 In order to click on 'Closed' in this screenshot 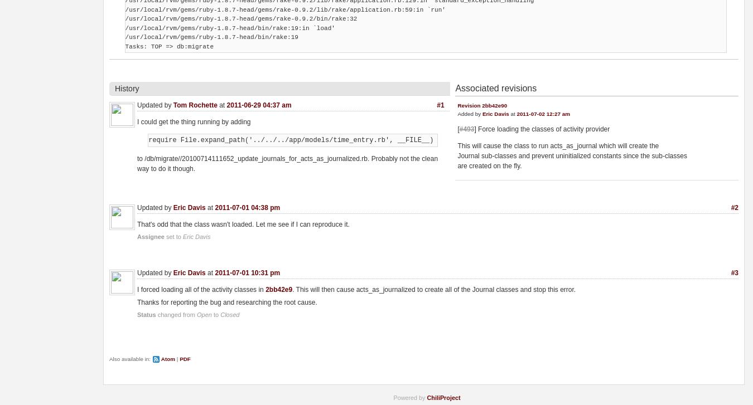, I will do `click(230, 314)`.